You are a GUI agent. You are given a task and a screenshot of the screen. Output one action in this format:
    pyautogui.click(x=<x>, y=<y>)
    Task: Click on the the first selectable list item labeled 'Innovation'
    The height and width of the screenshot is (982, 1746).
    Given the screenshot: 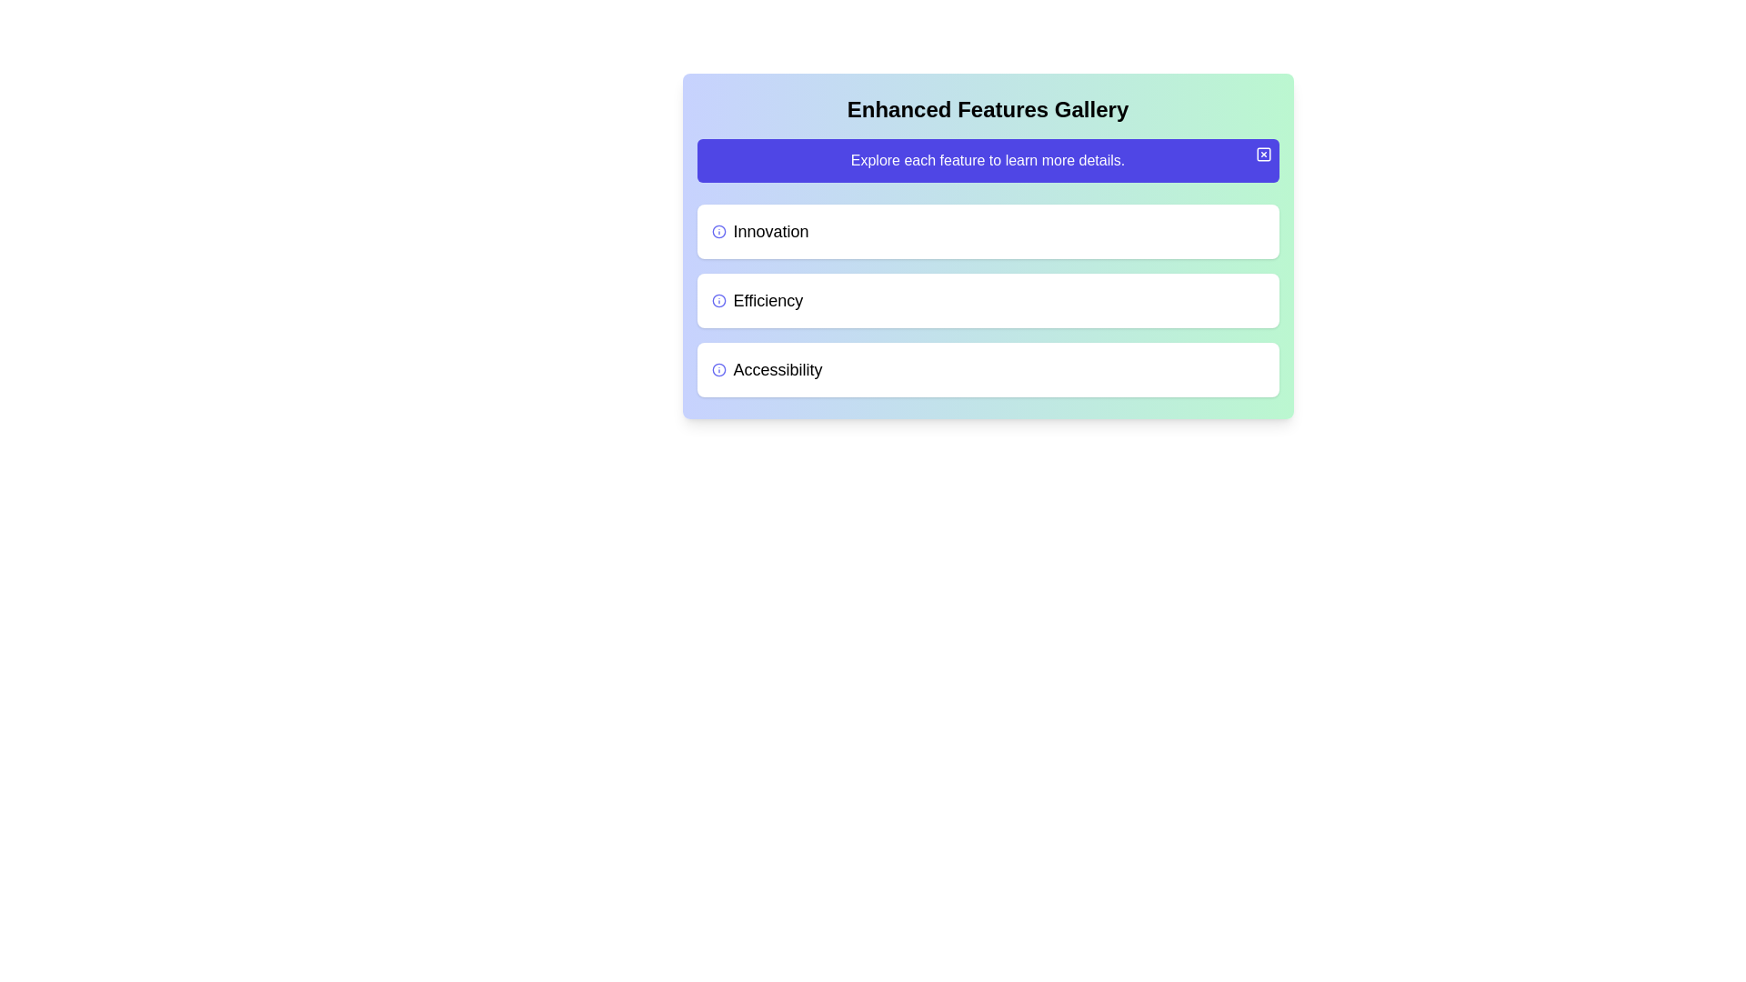 What is the action you would take?
    pyautogui.click(x=987, y=230)
    